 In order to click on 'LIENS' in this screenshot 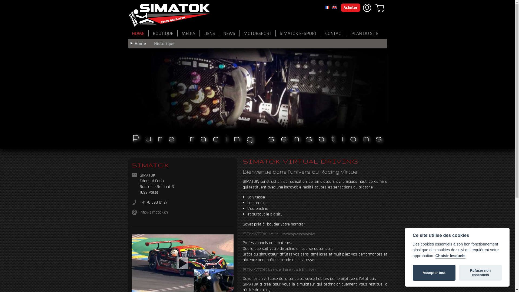, I will do `click(209, 33)`.